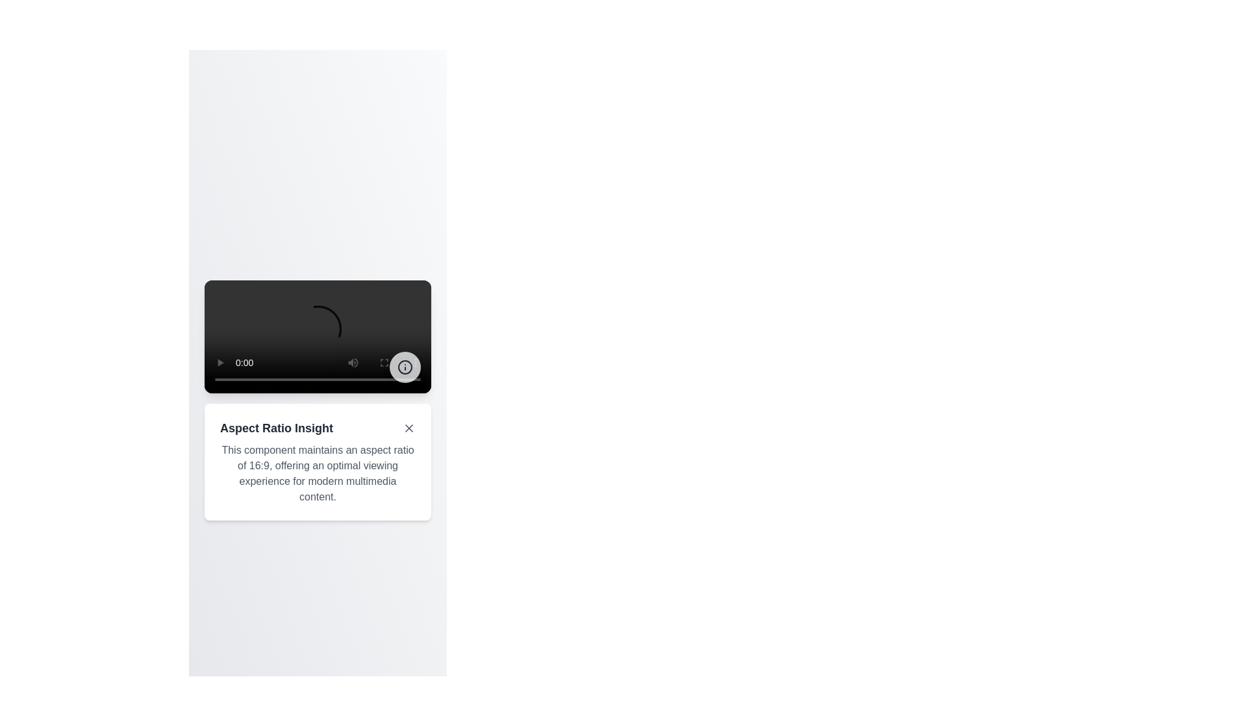 The image size is (1247, 701). What do you see at coordinates (318, 474) in the screenshot?
I see `the descriptive text that reads: 'This component maintains an aspect ratio of 16:9, offering an optimal viewing experience for modern multimedia content.' located below the heading 'Aspect Ratio Insight' within a white card layout` at bounding box center [318, 474].